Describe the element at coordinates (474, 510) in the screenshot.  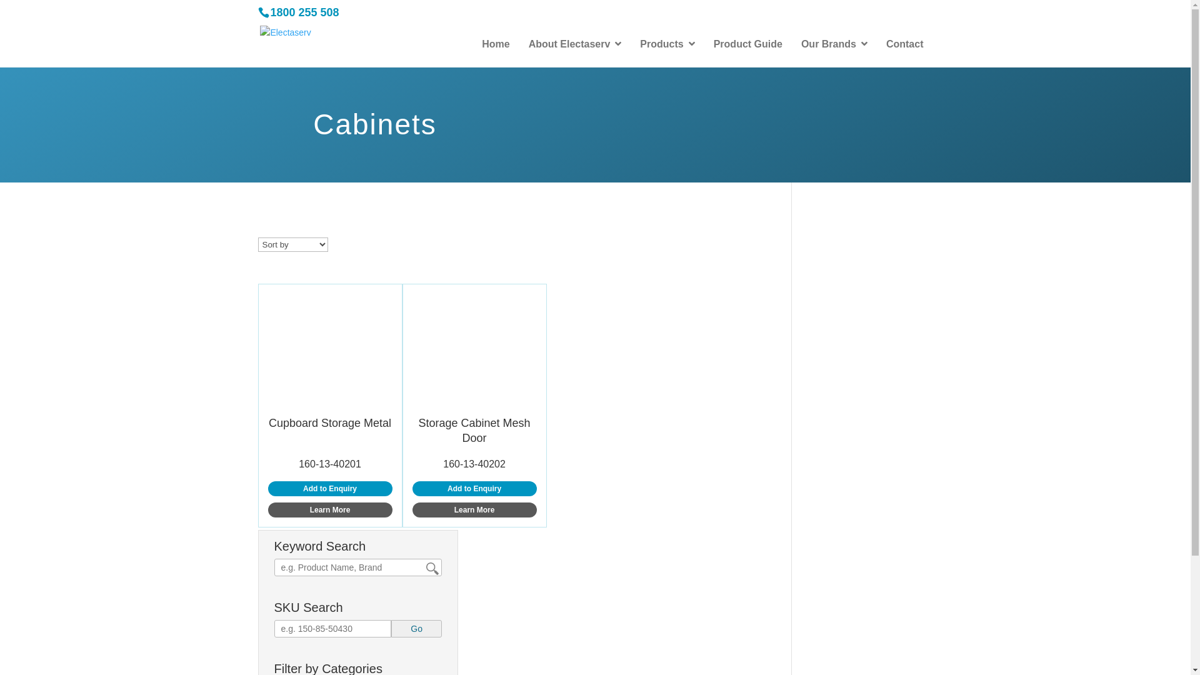
I see `'Learn More'` at that location.